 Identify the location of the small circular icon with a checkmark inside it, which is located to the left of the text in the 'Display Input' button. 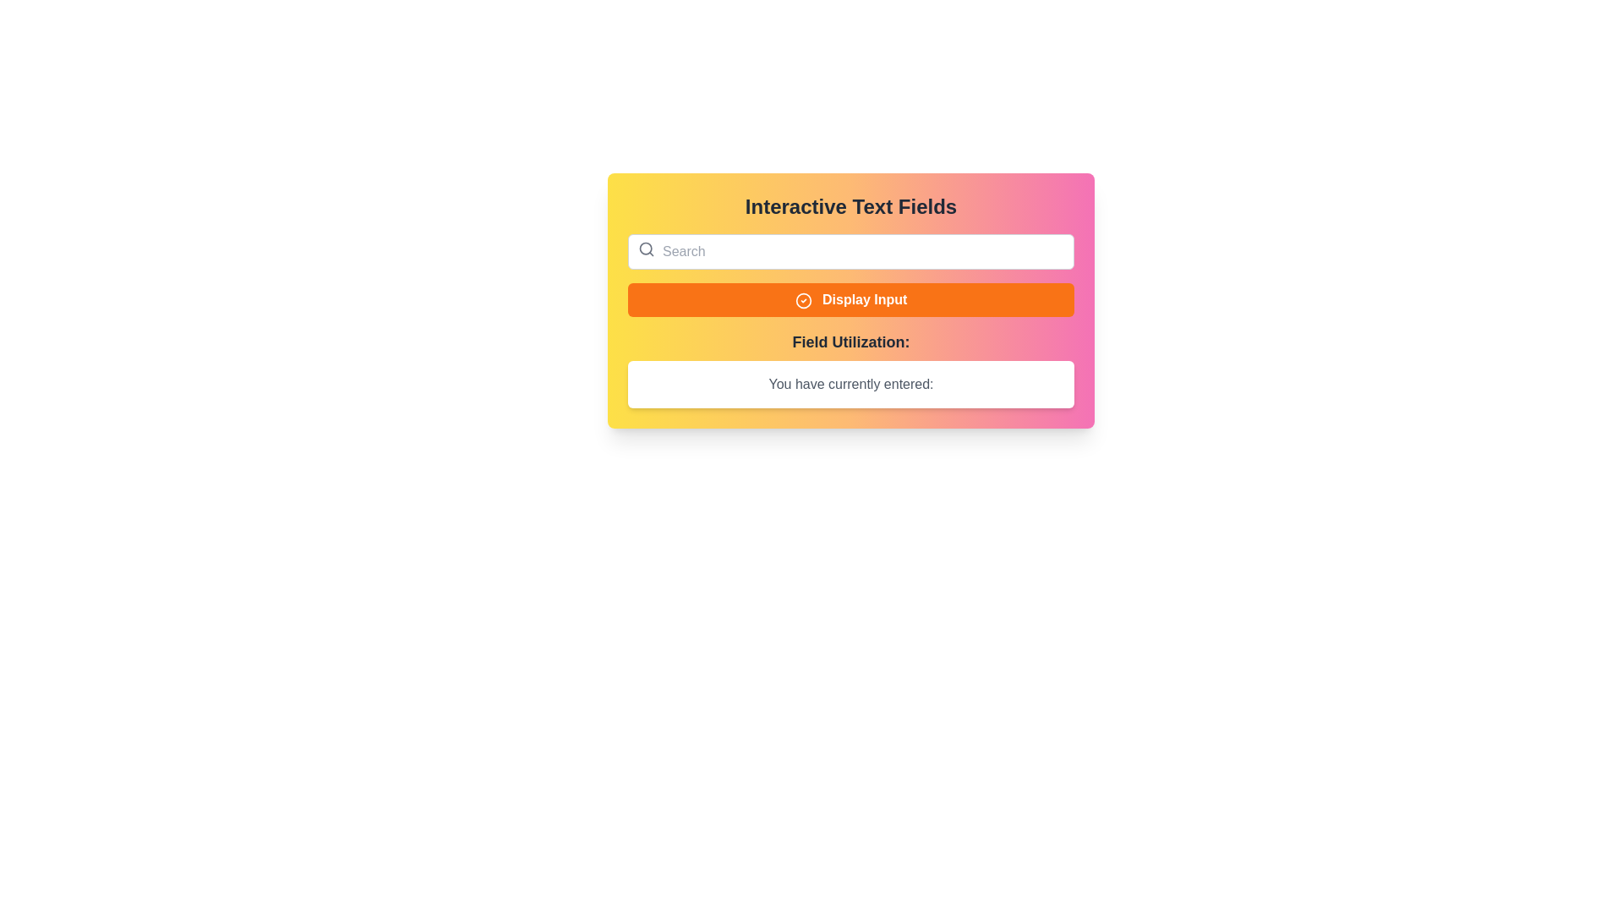
(802, 299).